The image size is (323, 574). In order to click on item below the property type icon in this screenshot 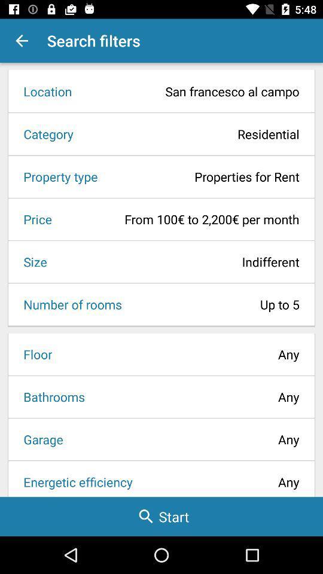, I will do `click(33, 218)`.